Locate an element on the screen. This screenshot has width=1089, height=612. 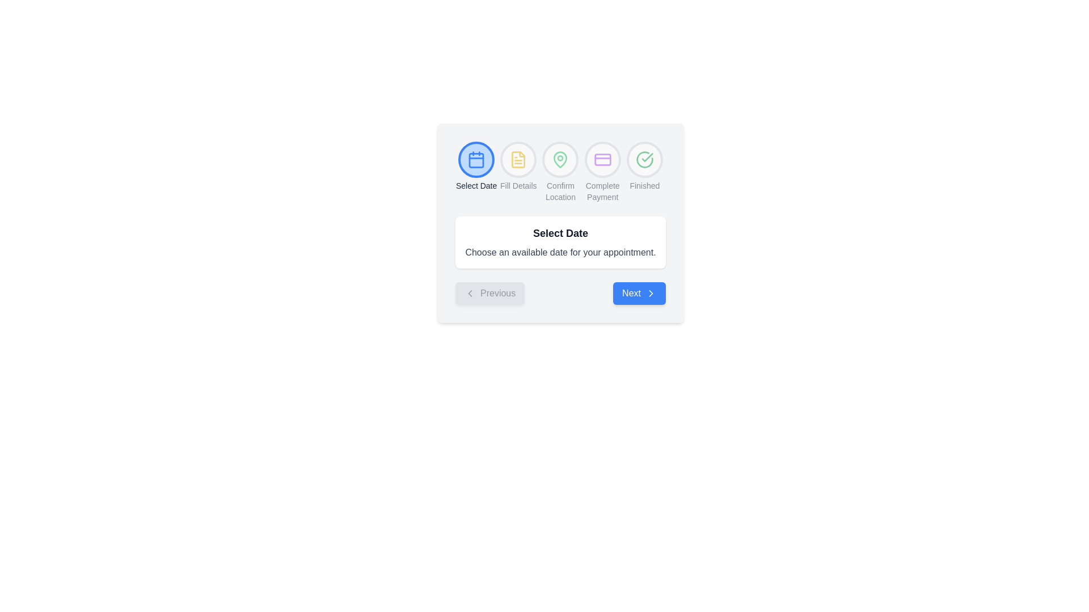
the informational Text label located between the 'Select Date' and 'Confirm Location' steps in the multi-step navigation system is located at coordinates (518, 185).